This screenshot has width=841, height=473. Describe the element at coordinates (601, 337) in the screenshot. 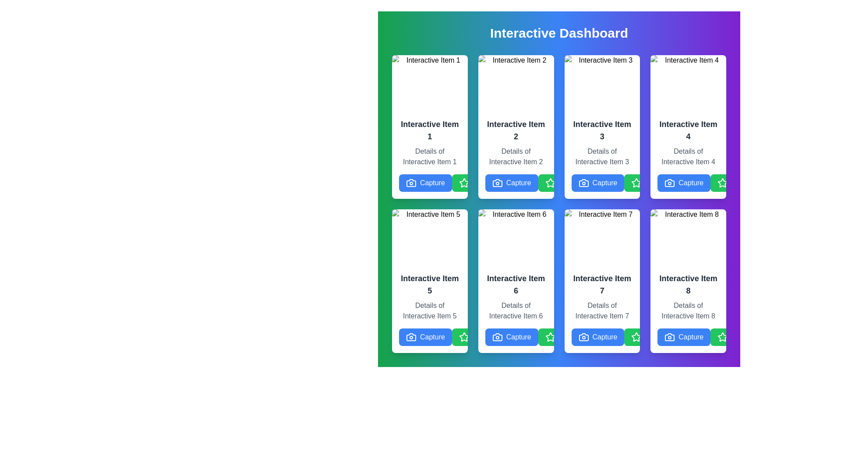

I see `the button for 'Interactive Item 7'` at that location.